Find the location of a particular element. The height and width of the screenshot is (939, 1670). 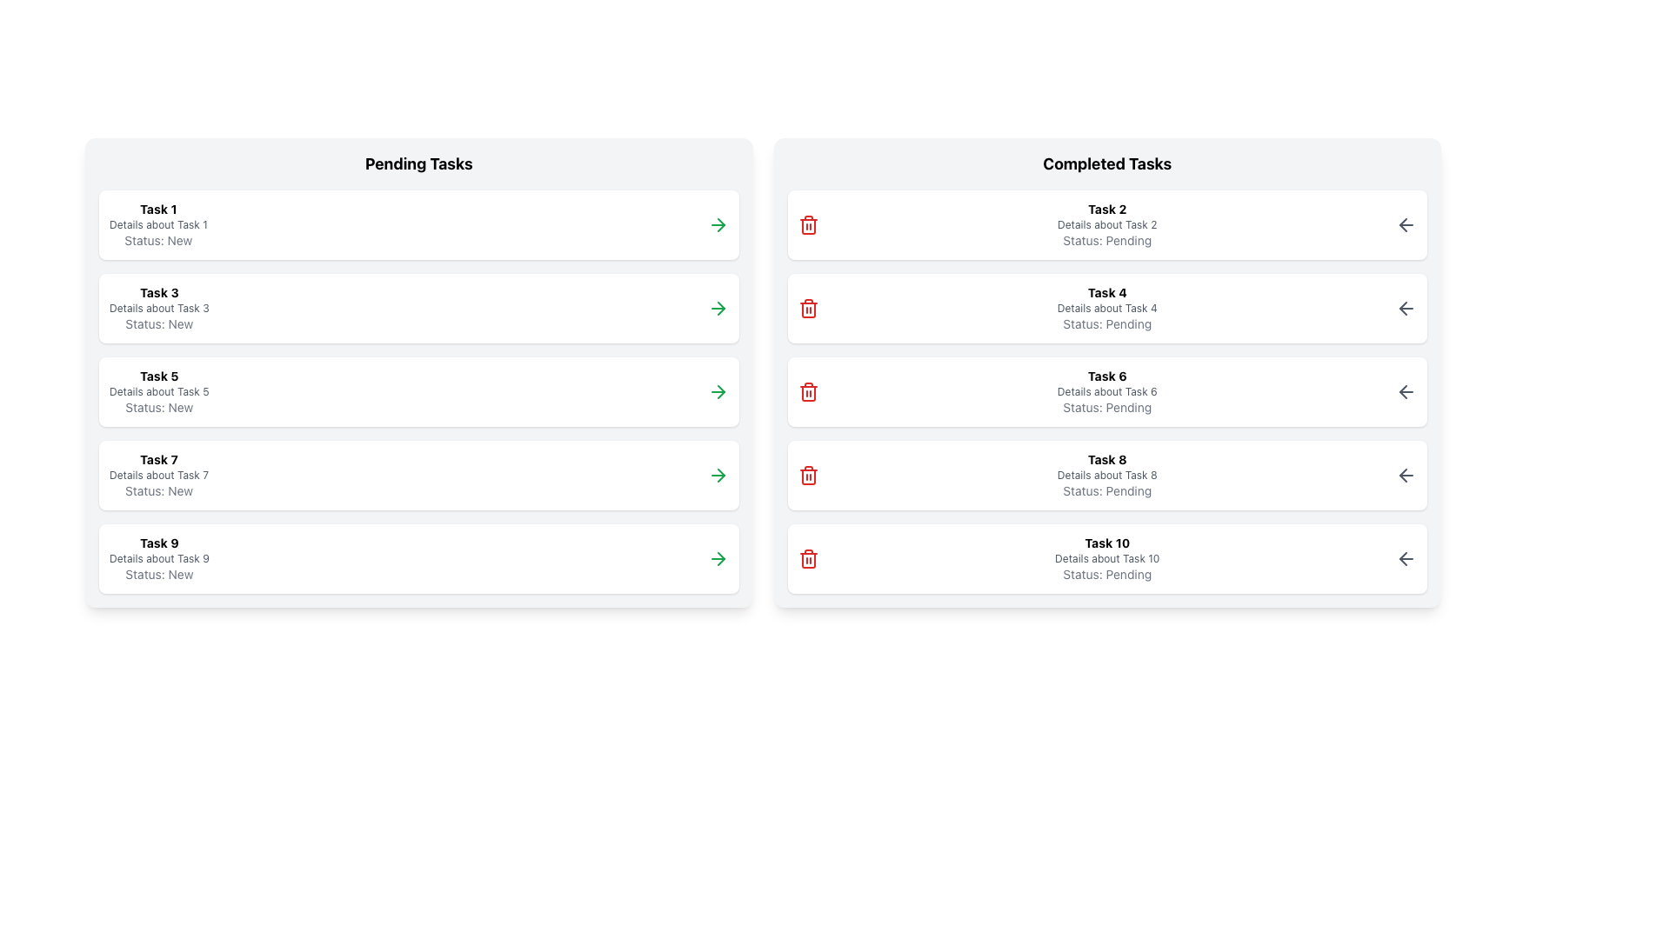

the delete button icon next to the task labeled 'Task 8' is located at coordinates (807, 476).